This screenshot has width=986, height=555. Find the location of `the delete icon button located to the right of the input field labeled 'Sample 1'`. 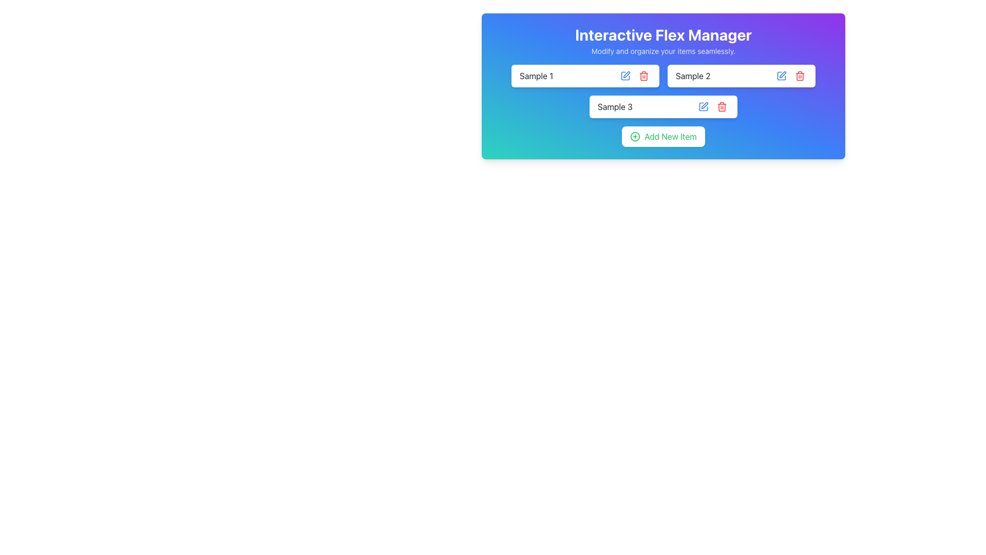

the delete icon button located to the right of the input field labeled 'Sample 1' is located at coordinates (643, 75).